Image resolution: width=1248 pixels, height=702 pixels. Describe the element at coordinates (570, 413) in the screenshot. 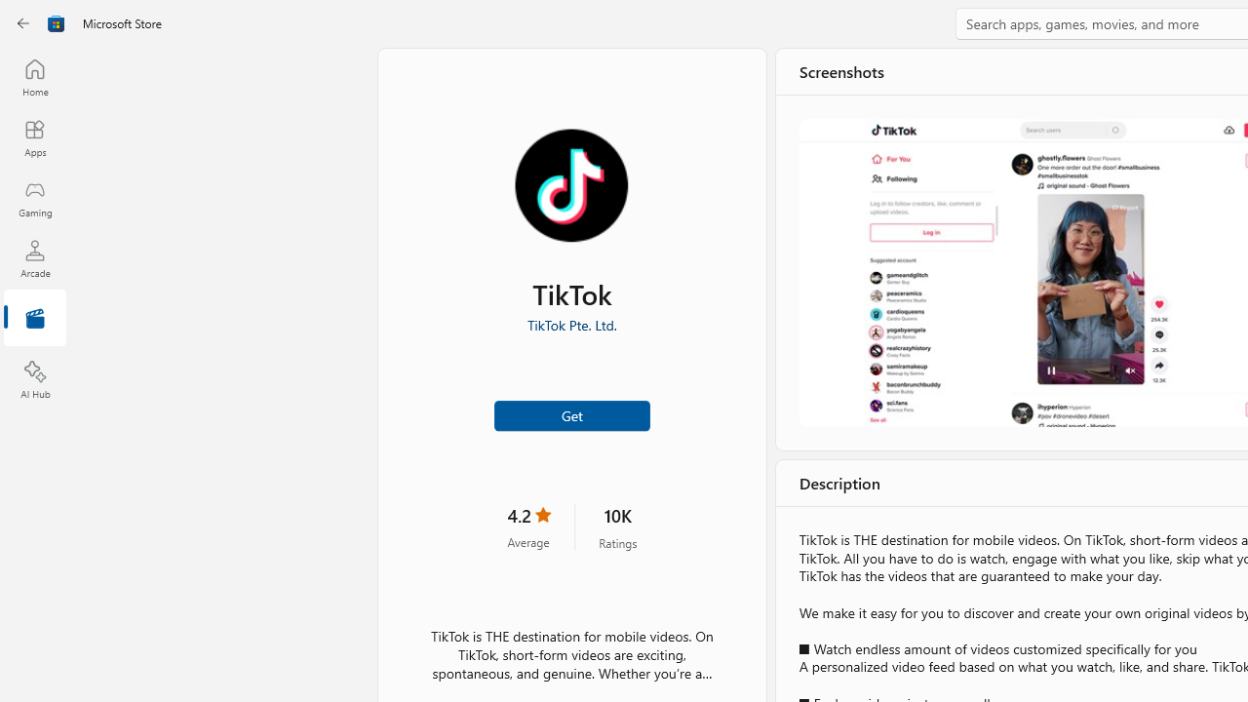

I see `'Get'` at that location.